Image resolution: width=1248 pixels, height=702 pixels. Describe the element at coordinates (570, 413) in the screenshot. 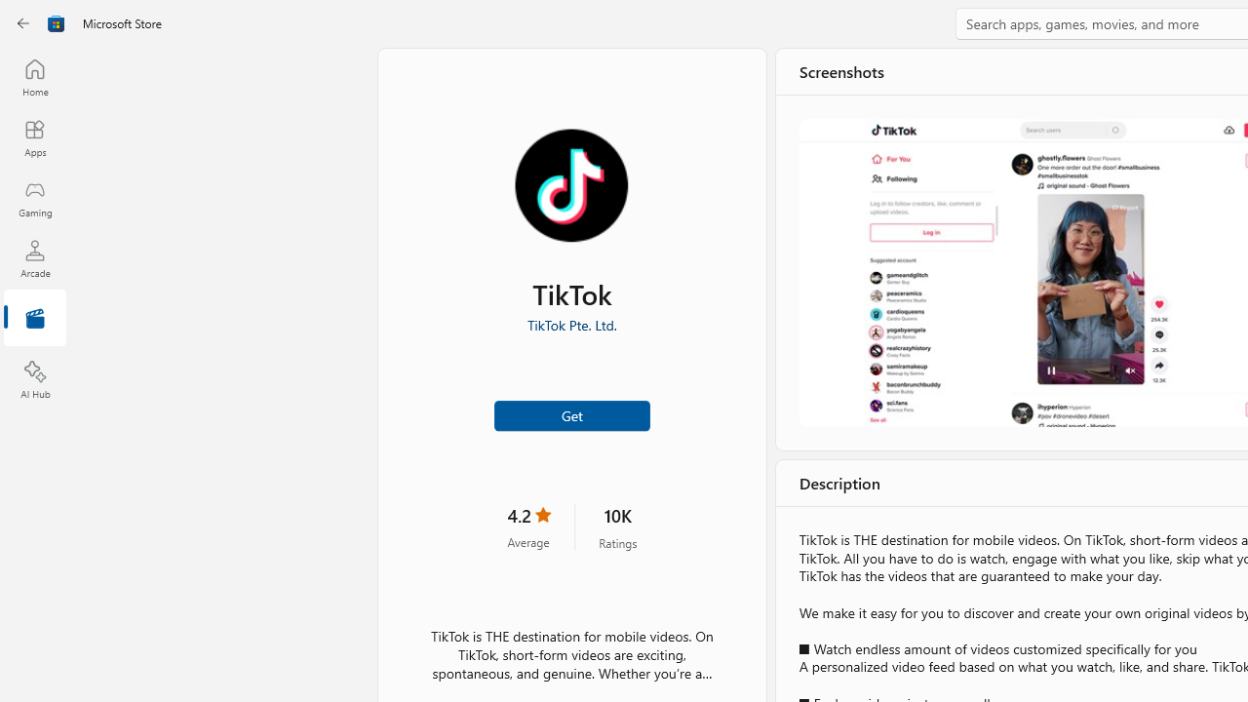

I see `'Get'` at that location.